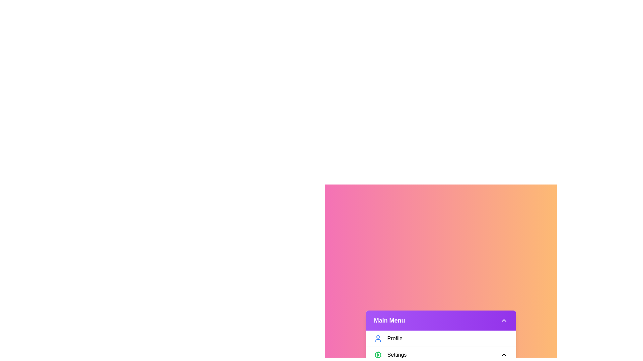  I want to click on the blue person silhouette icon located in the 'Profile' menu, positioned to the left of the 'Profile' text, so click(378, 338).